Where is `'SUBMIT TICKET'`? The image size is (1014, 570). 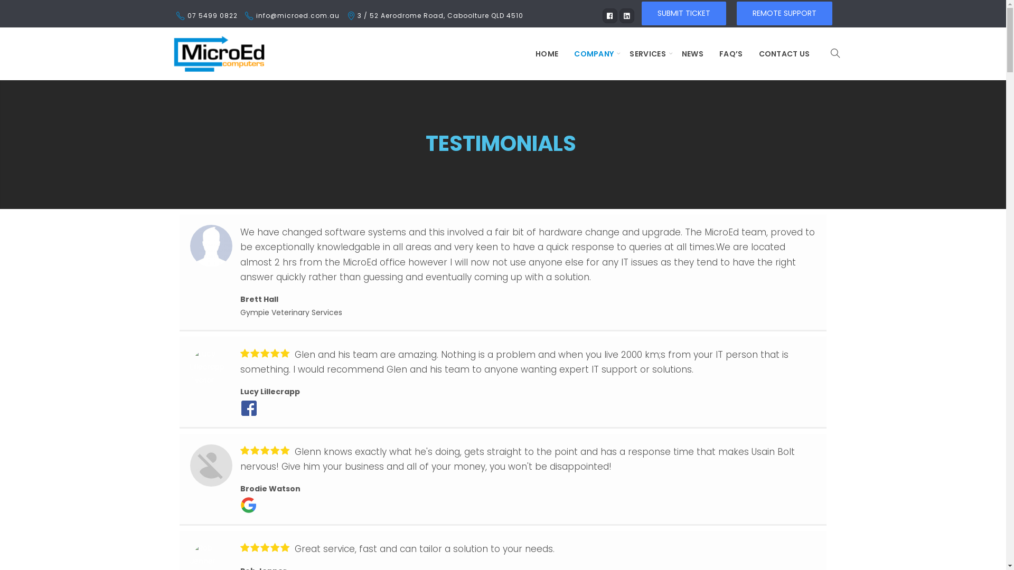
'SUBMIT TICKET' is located at coordinates (683, 13).